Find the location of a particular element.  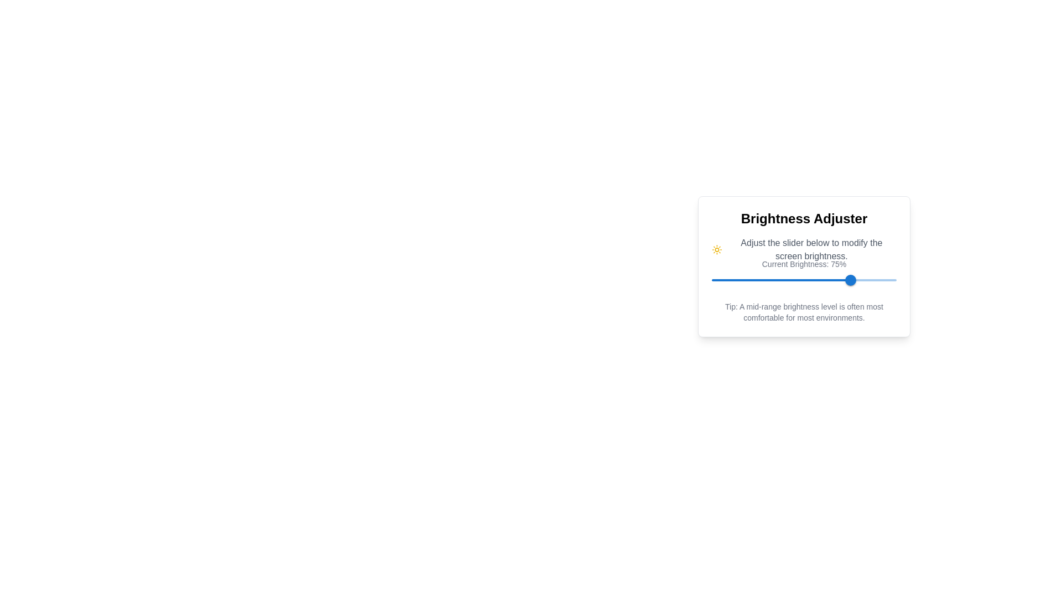

the slider thumb that allows users to adjust the brightness level, located beneath the label 'Current Brightness: 75%' is located at coordinates (850, 279).